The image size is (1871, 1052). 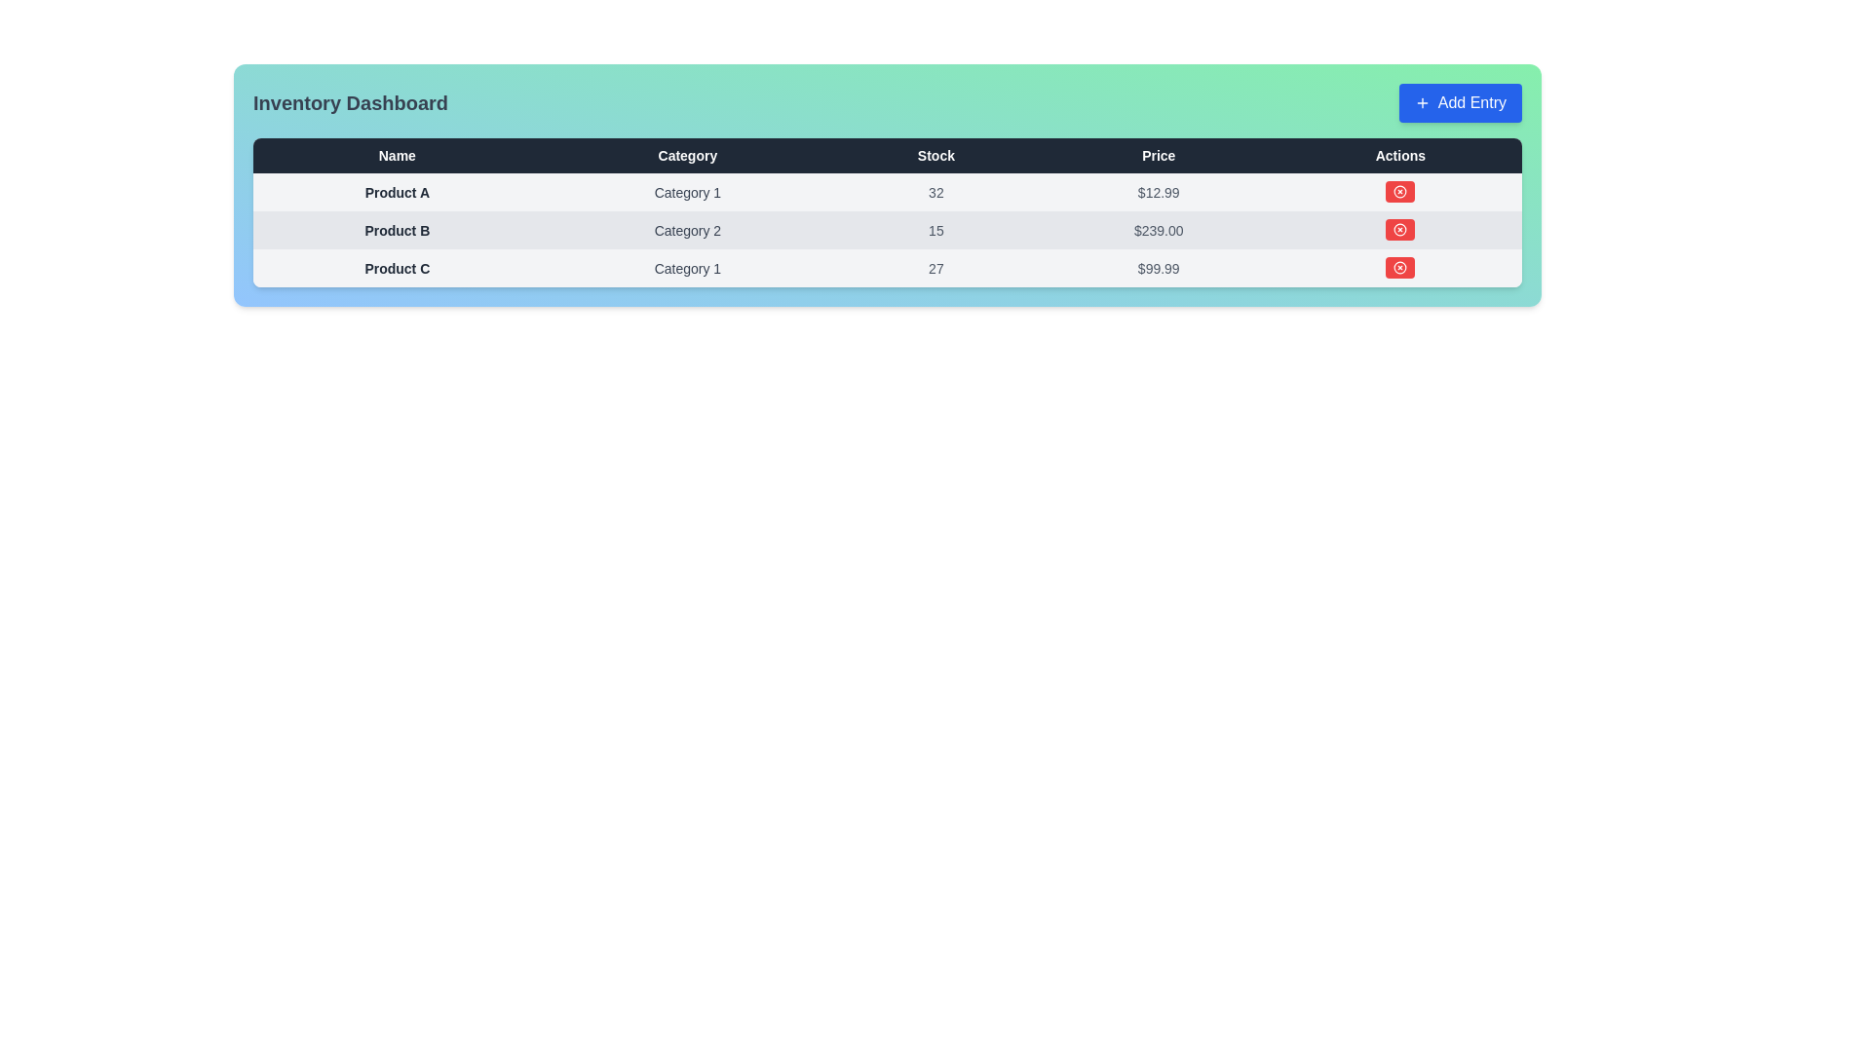 What do you see at coordinates (396, 229) in the screenshot?
I see `the static text label displaying 'Product B' located in the 'Name' column of the second row in the table` at bounding box center [396, 229].